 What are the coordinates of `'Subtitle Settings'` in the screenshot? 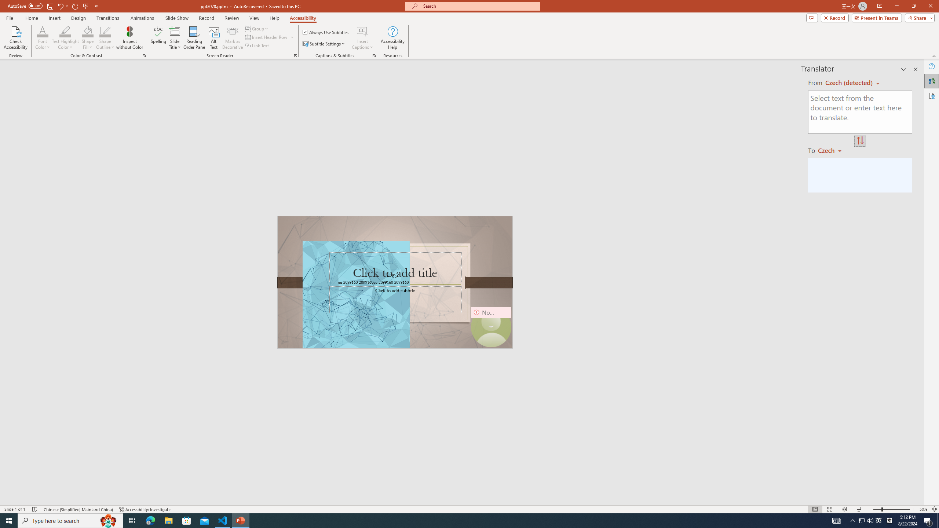 It's located at (324, 43).